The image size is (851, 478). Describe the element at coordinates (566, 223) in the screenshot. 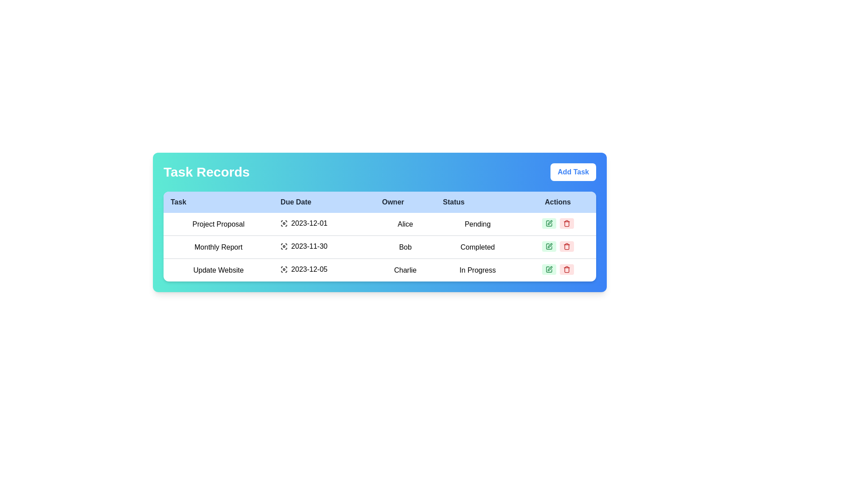

I see `the delete button located at the right end of the row in the 'Actions' column, adjacent to the green edit button, in the topmost row of the table` at that location.